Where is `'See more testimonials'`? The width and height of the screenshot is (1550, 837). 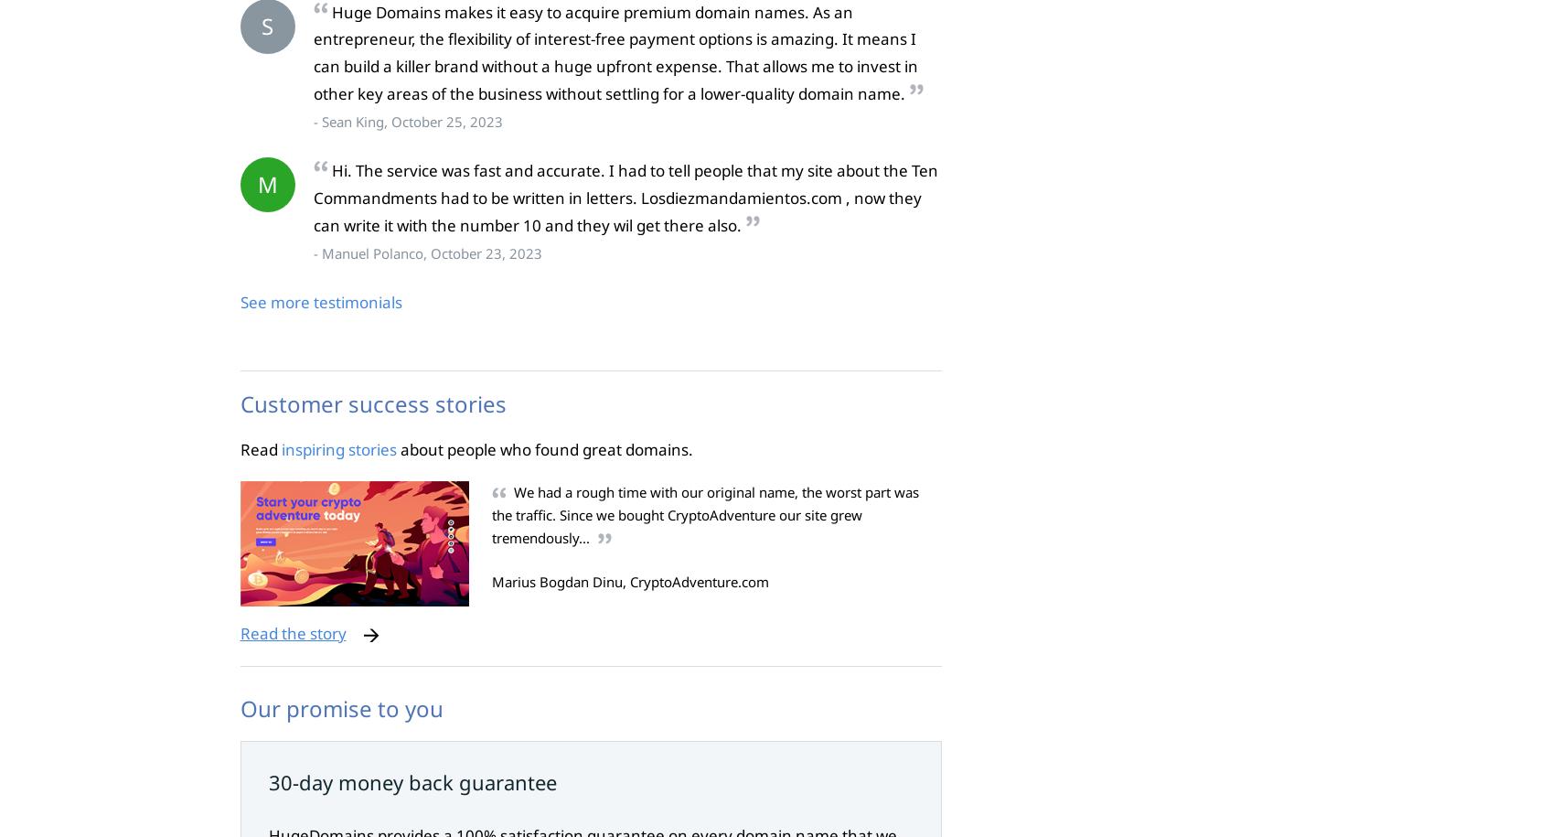 'See more testimonials' is located at coordinates (319, 302).